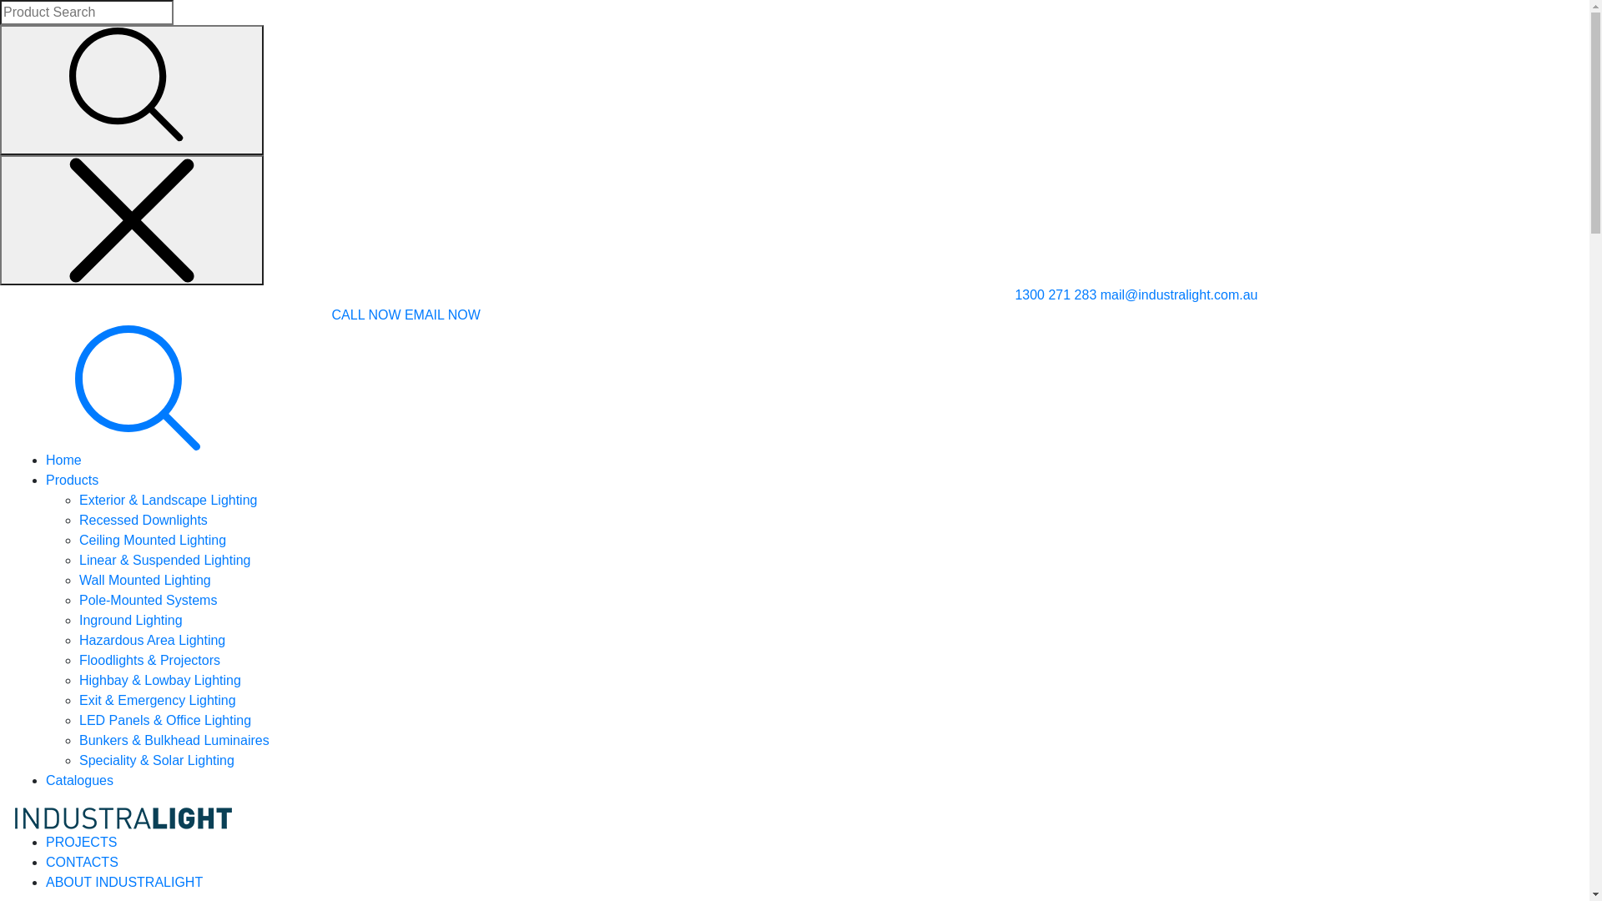 The image size is (1602, 901). Describe the element at coordinates (78, 780) in the screenshot. I see `'Catalogues'` at that location.